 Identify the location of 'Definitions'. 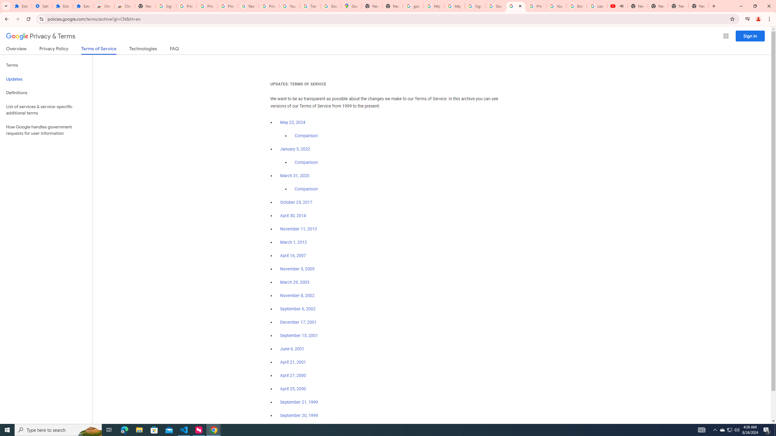
(46, 93).